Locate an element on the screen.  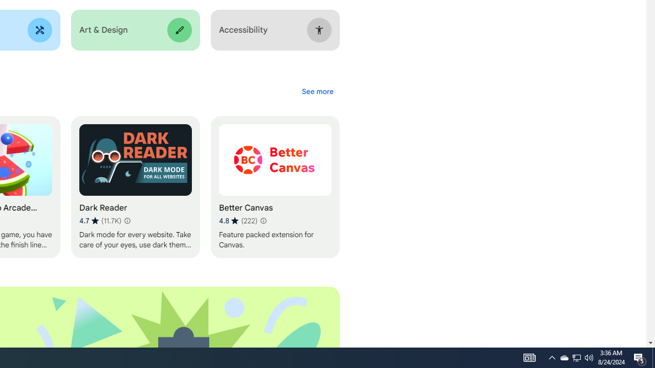
'Learn more about results and reviews "Dark Reader"' is located at coordinates (126, 220).